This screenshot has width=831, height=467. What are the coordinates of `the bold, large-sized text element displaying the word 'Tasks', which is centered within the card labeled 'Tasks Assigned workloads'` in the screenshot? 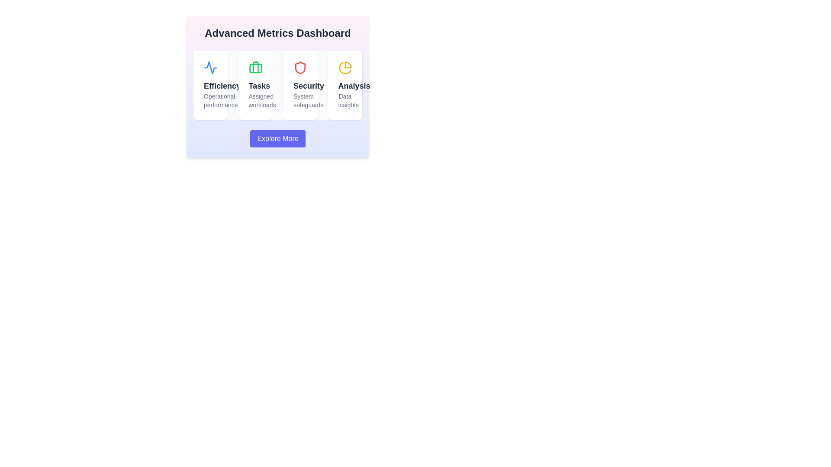 It's located at (255, 86).